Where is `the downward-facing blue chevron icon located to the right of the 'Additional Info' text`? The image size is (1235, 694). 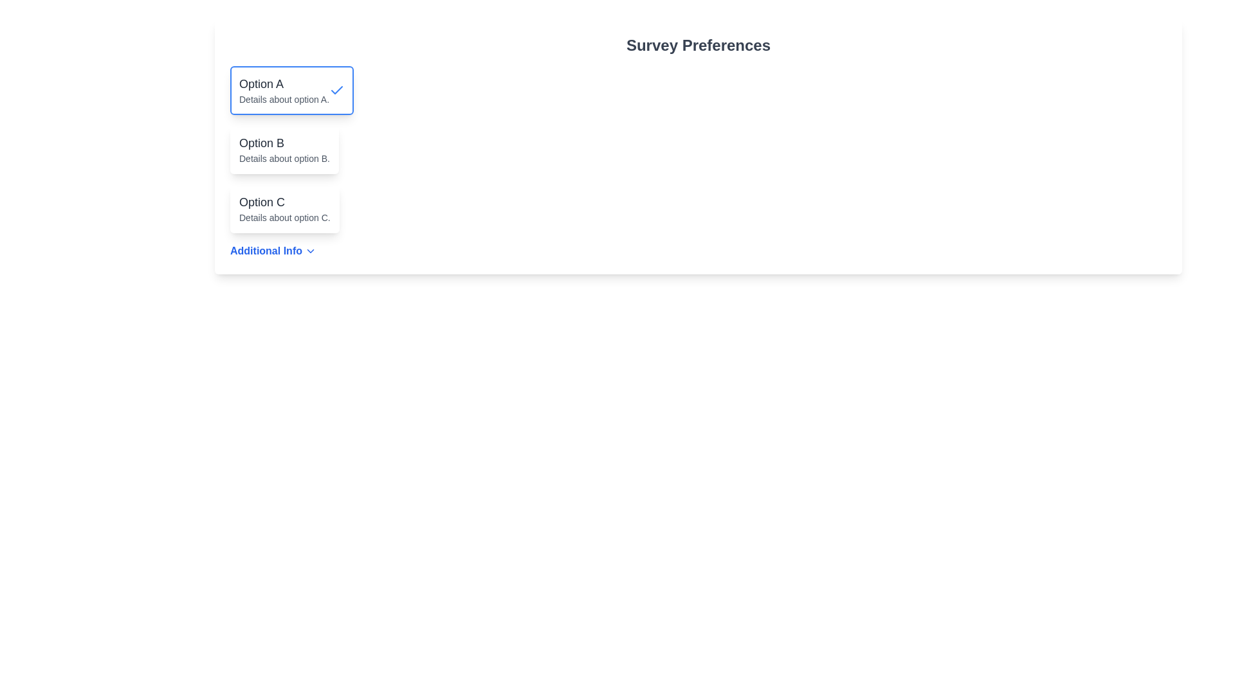 the downward-facing blue chevron icon located to the right of the 'Additional Info' text is located at coordinates (311, 251).